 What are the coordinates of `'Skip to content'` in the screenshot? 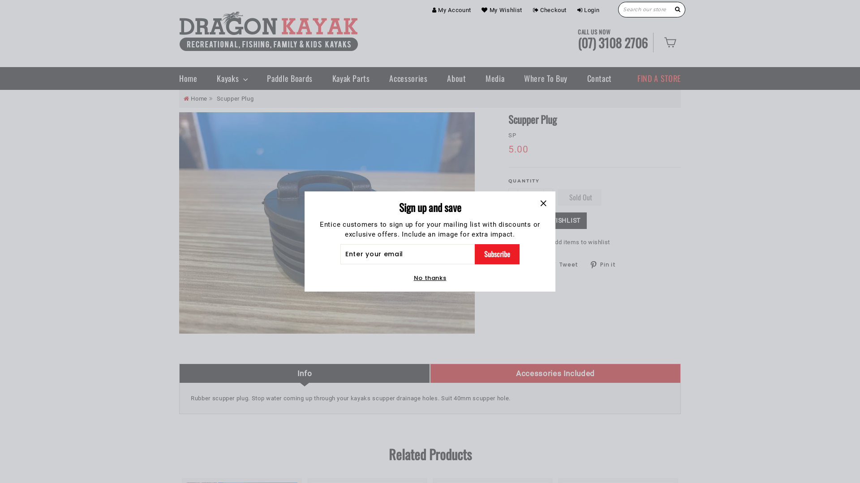 It's located at (0, 0).